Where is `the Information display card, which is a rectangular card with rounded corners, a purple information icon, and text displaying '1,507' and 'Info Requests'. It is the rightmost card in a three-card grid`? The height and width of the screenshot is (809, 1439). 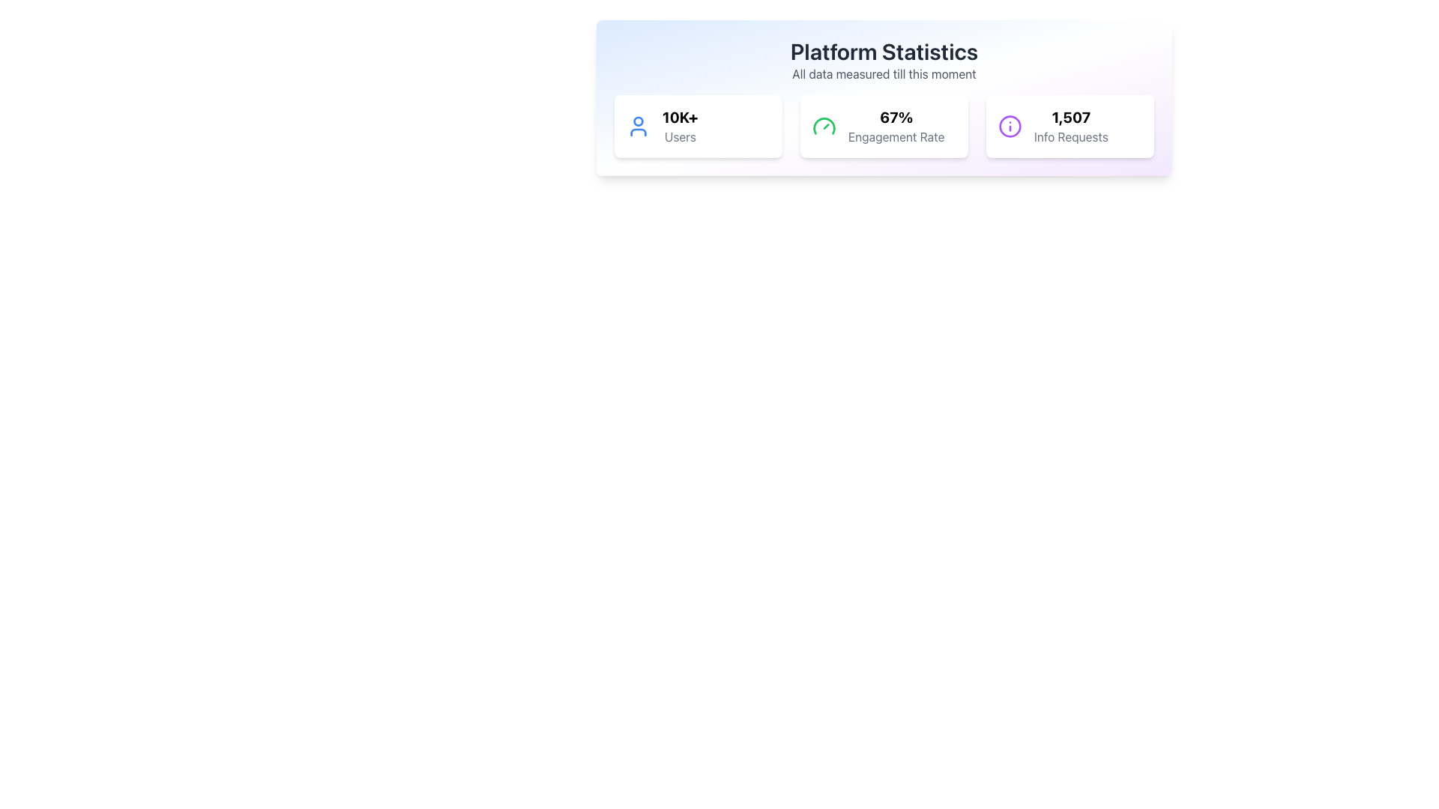 the Information display card, which is a rectangular card with rounded corners, a purple information icon, and text displaying '1,507' and 'Info Requests'. It is the rightmost card in a three-card grid is located at coordinates (1070, 126).